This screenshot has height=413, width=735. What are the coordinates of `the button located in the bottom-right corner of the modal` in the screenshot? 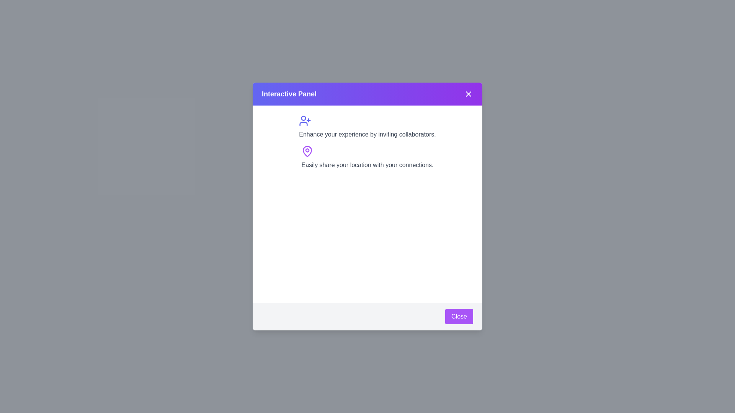 It's located at (459, 317).